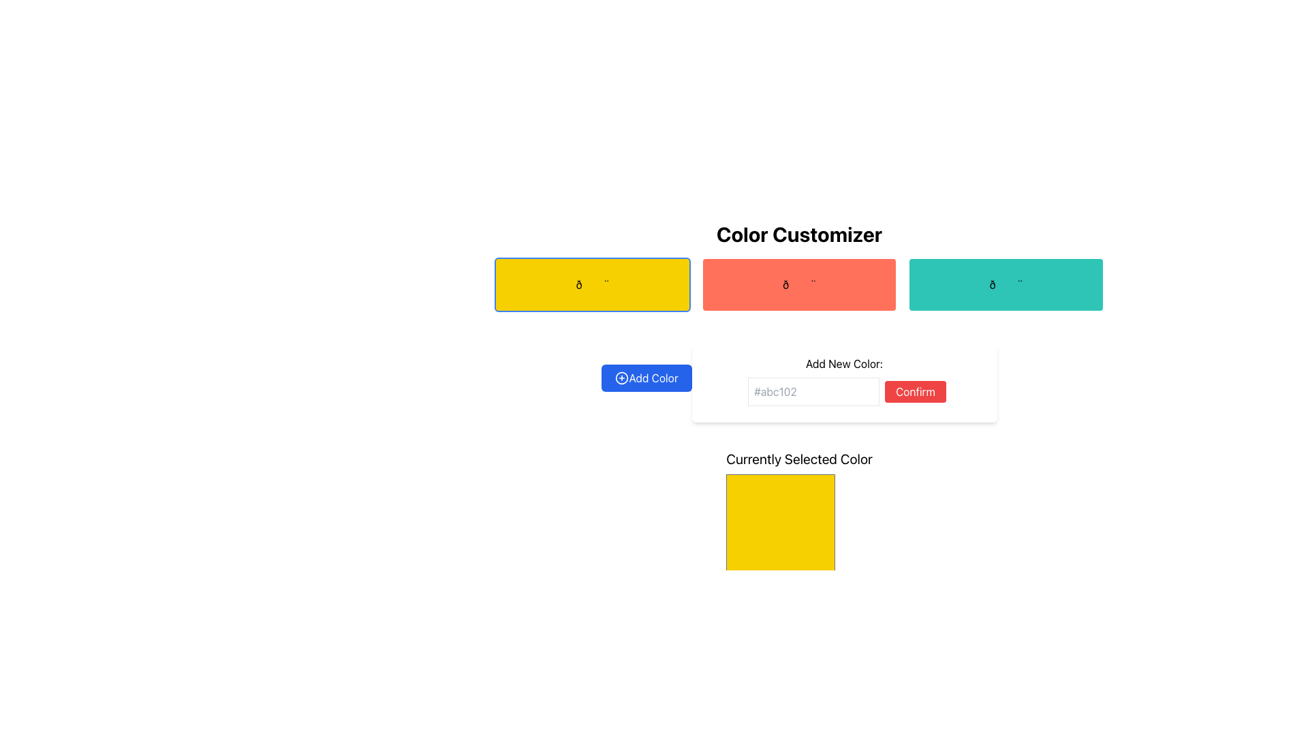  I want to click on the circular shape within the SVG icon that resembles a plus symbol, which is filled with no color and has a visible stroke, so click(621, 378).